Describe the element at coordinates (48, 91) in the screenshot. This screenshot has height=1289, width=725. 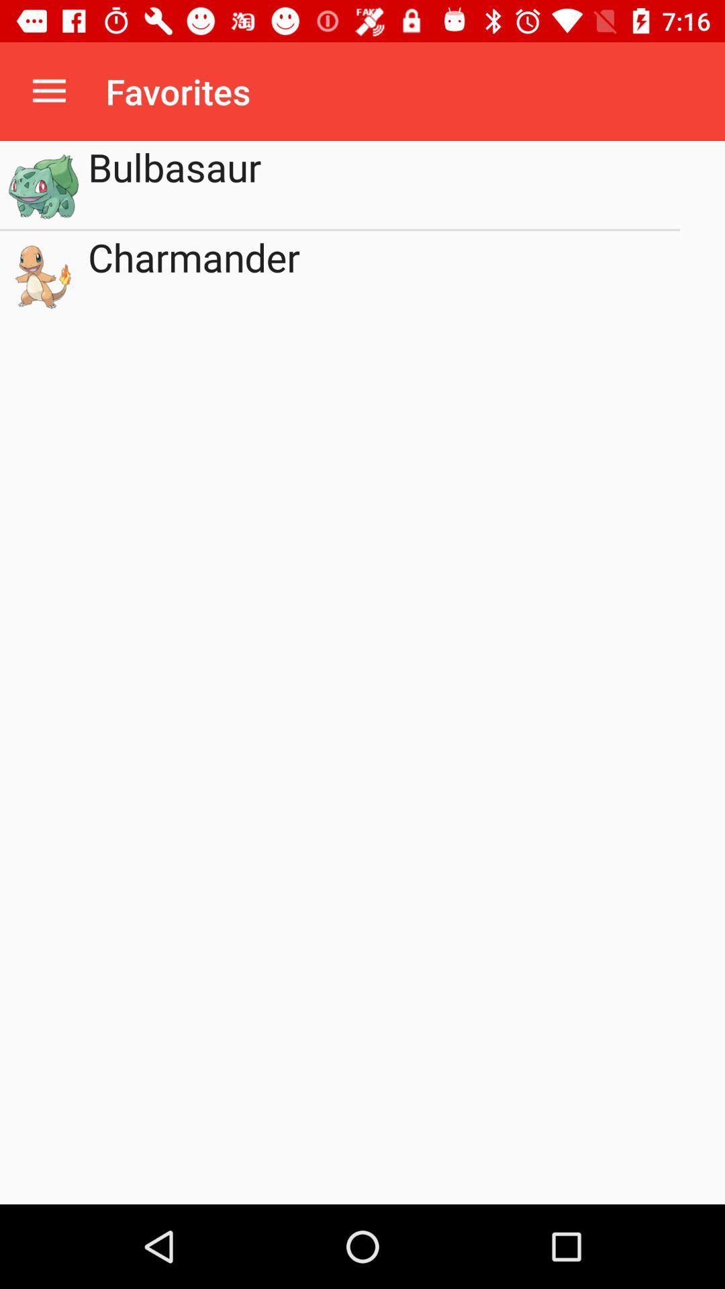
I see `icon next to favorites item` at that location.